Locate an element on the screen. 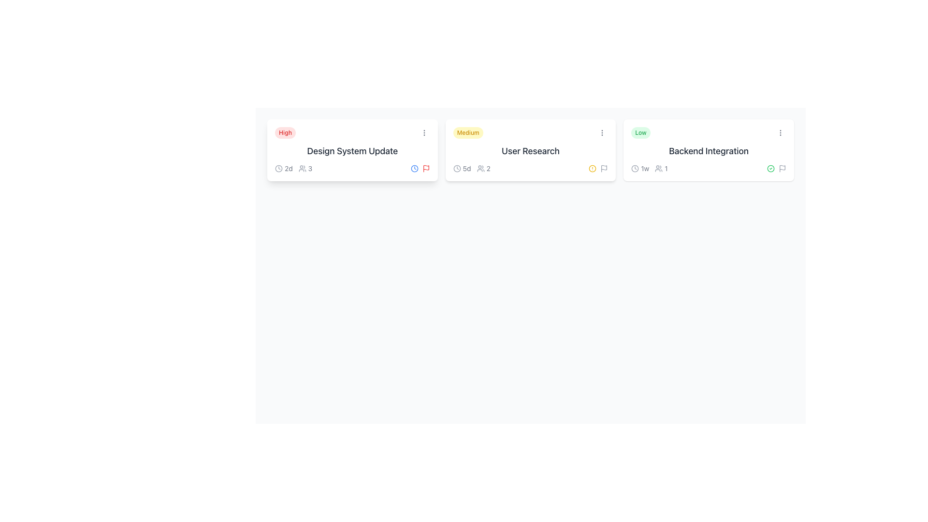  the small text label displaying the number '1' in light gray color, which is positioned at the center-bottom of the 'Backend Integration' card, to the right of the user icon is located at coordinates (666, 168).